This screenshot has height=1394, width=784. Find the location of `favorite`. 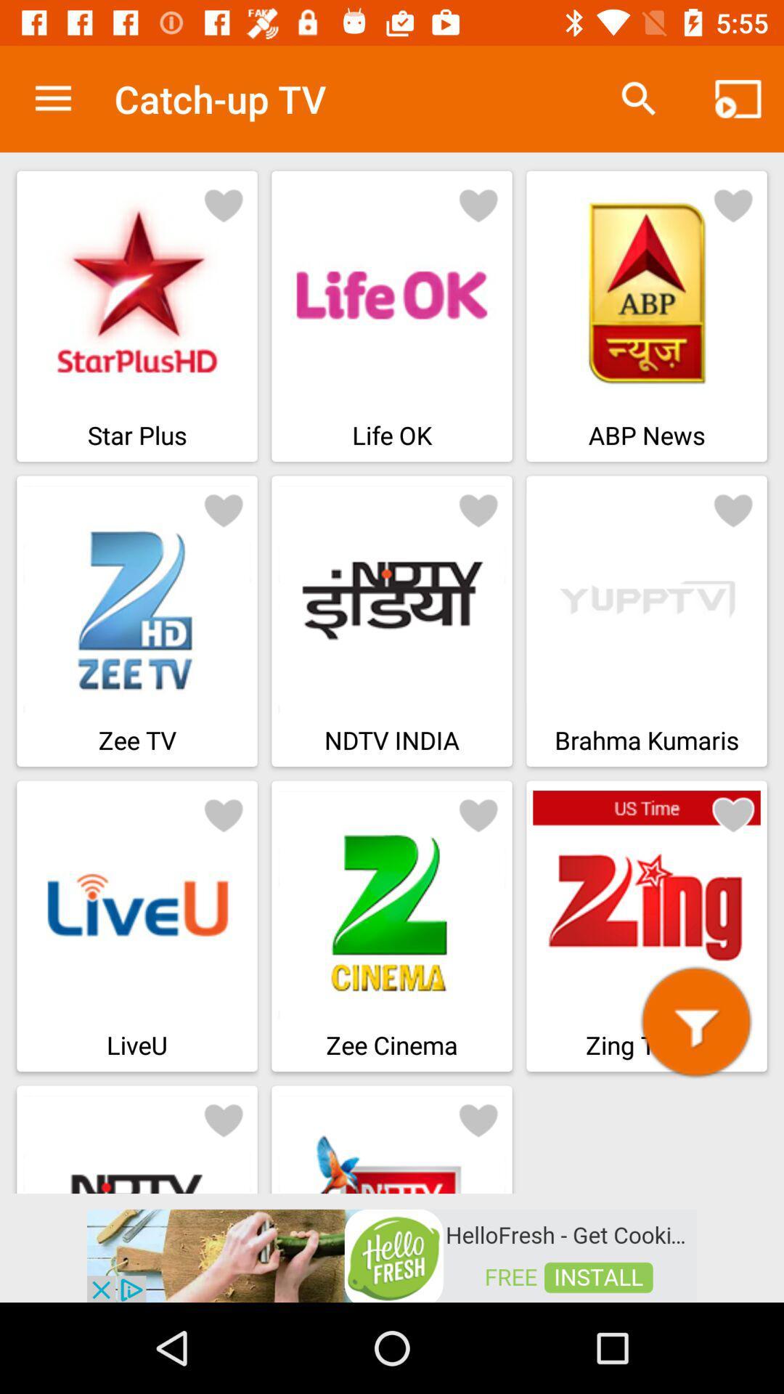

favorite is located at coordinates (478, 1118).